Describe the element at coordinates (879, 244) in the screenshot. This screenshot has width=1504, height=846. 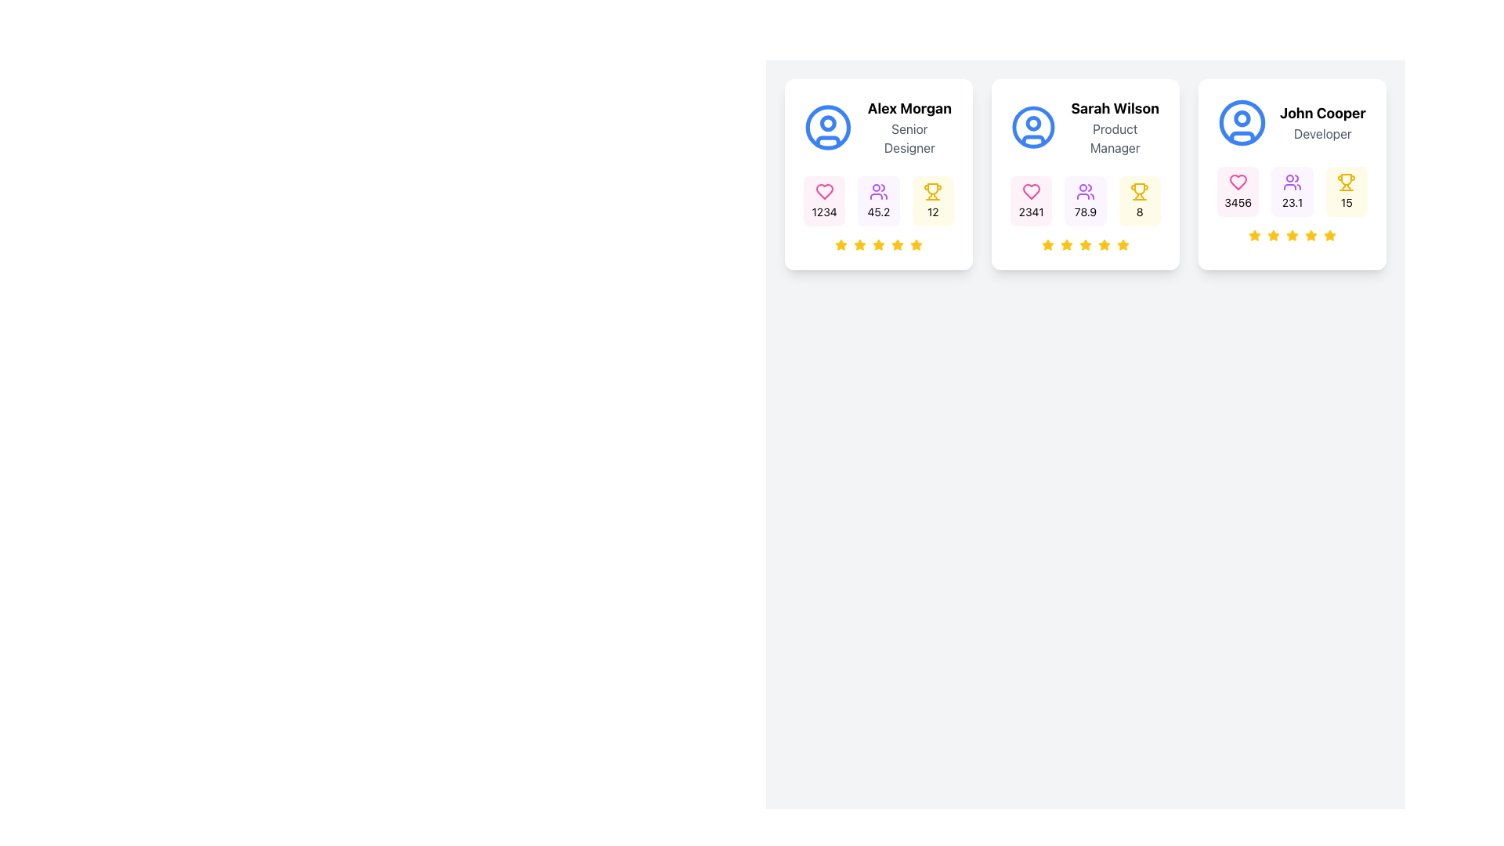
I see `the star icon representing the rating feature located in the bottom row of the card labeled 'Alex Morgan'` at that location.